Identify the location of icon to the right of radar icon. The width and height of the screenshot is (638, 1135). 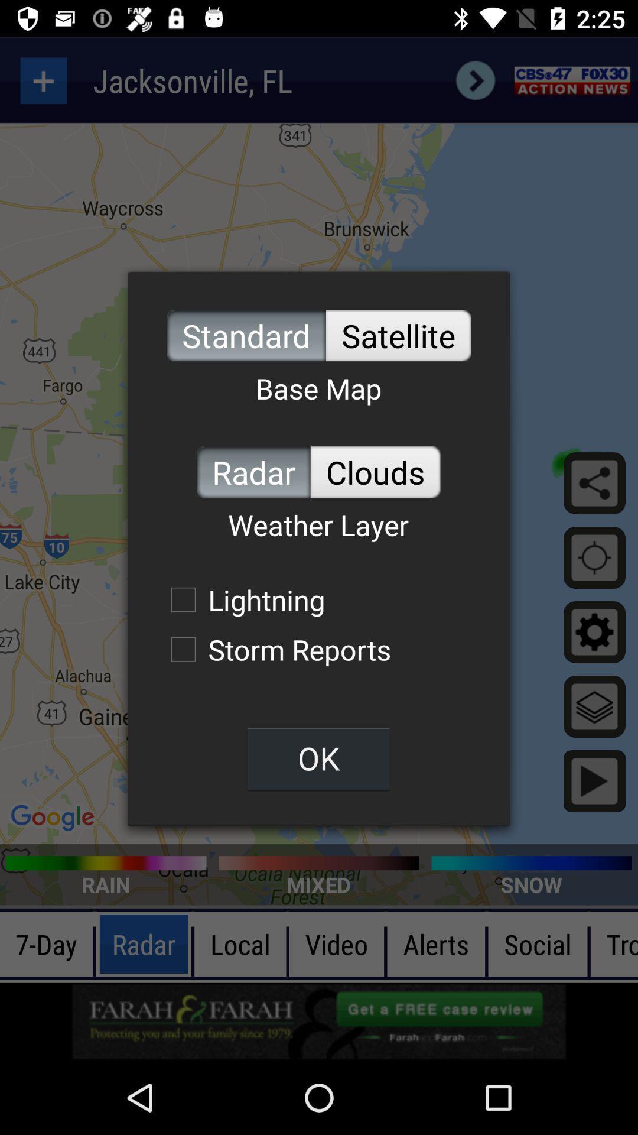
(375, 471).